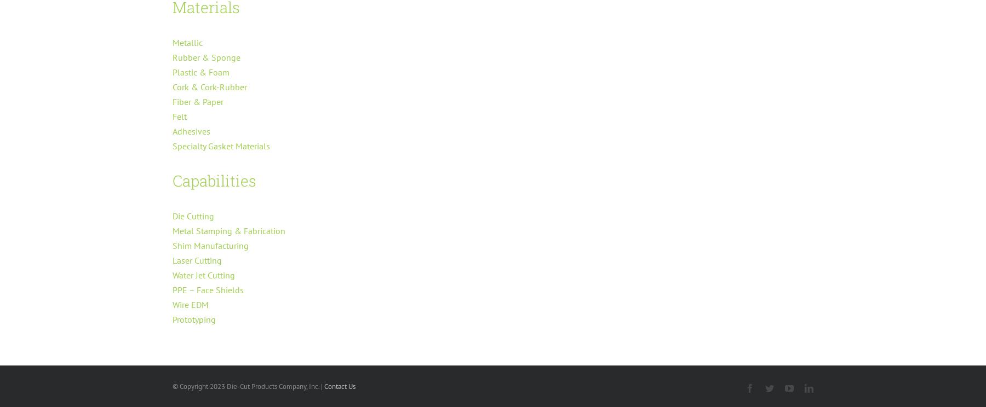  I want to click on 'Felt', so click(179, 115).